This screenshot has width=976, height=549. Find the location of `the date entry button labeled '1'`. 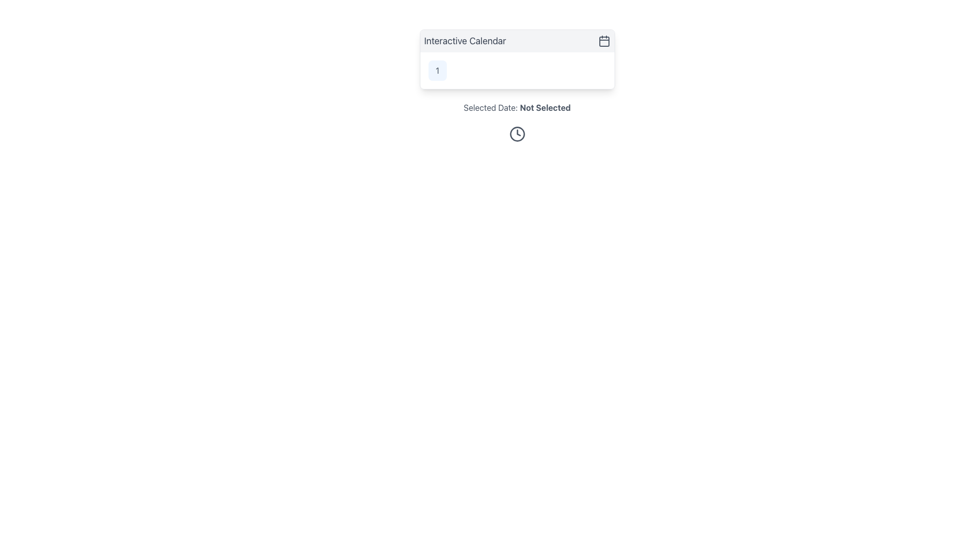

the date entry button labeled '1' is located at coordinates (517, 70).